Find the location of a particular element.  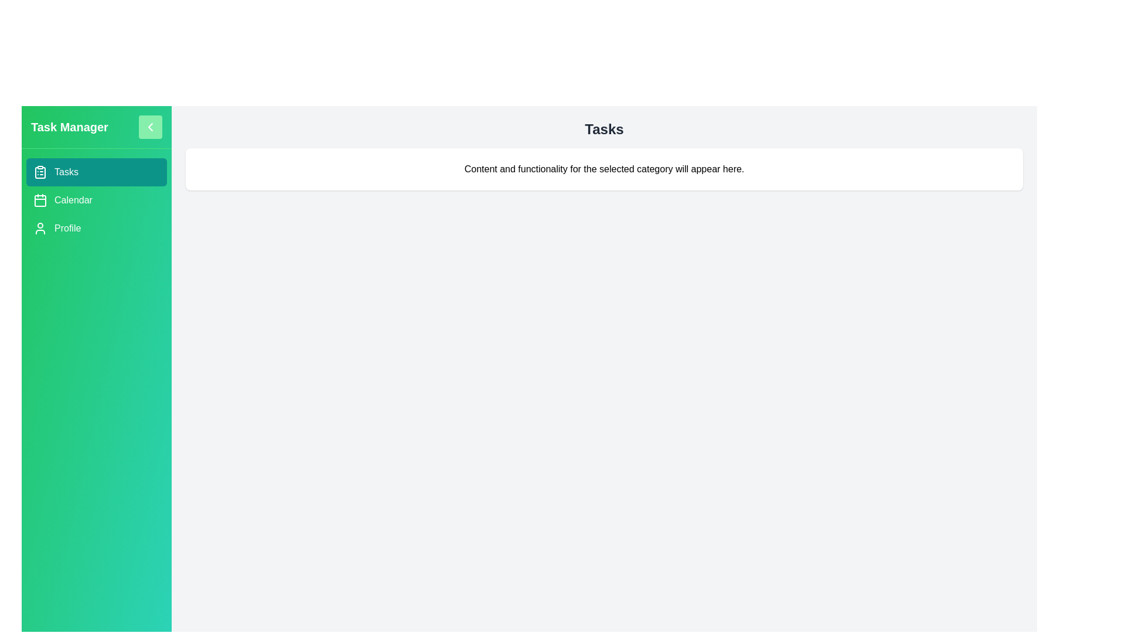

the 'Calendar' menu item to navigate to the 'Calendar' section is located at coordinates (96, 200).